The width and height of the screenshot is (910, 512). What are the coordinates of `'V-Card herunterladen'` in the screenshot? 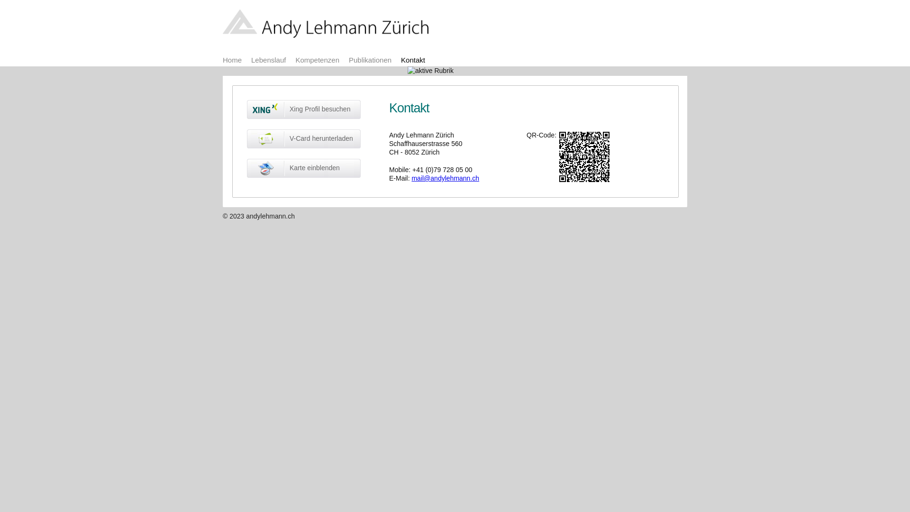 It's located at (247, 139).